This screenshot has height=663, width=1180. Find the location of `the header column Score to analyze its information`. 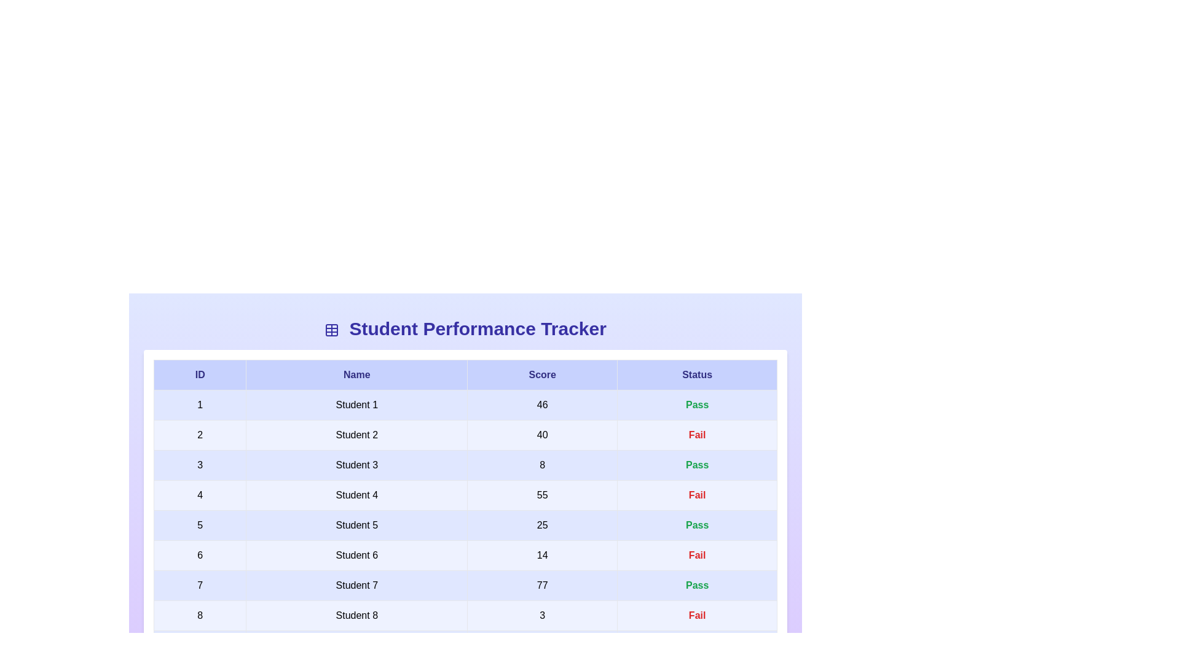

the header column Score to analyze its information is located at coordinates (541, 374).